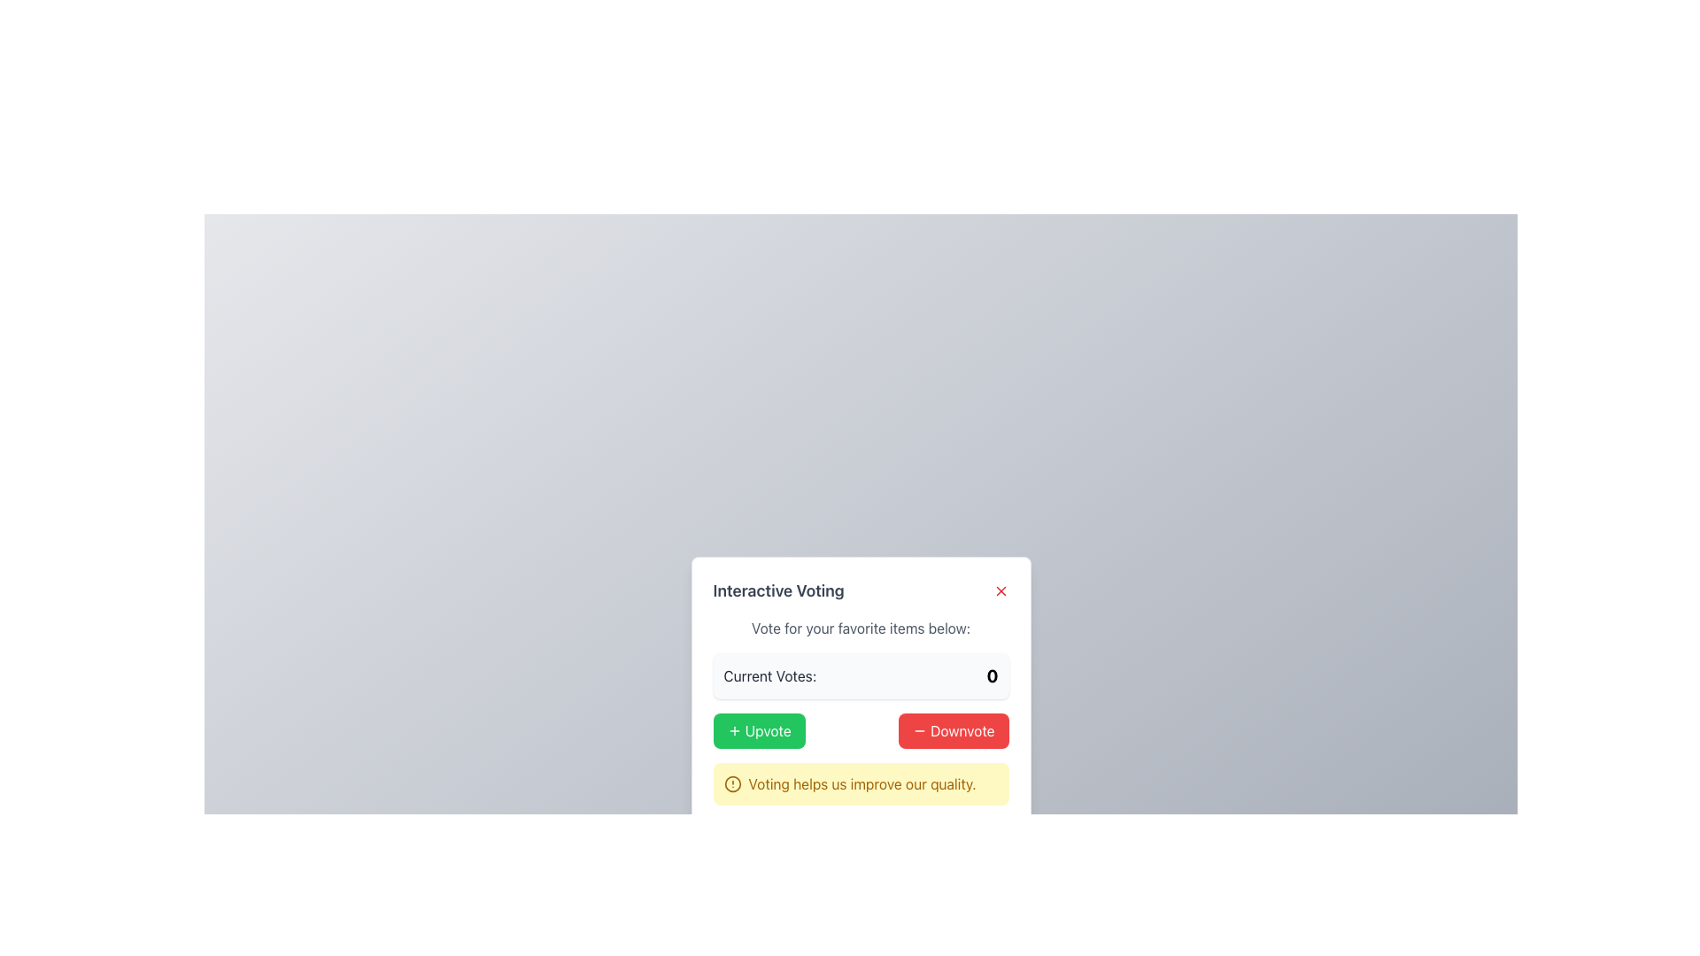 The image size is (1700, 956). Describe the element at coordinates (918, 730) in the screenshot. I see `the minus icon inside the red 'Downvote' button located on the right side of the interface` at that location.